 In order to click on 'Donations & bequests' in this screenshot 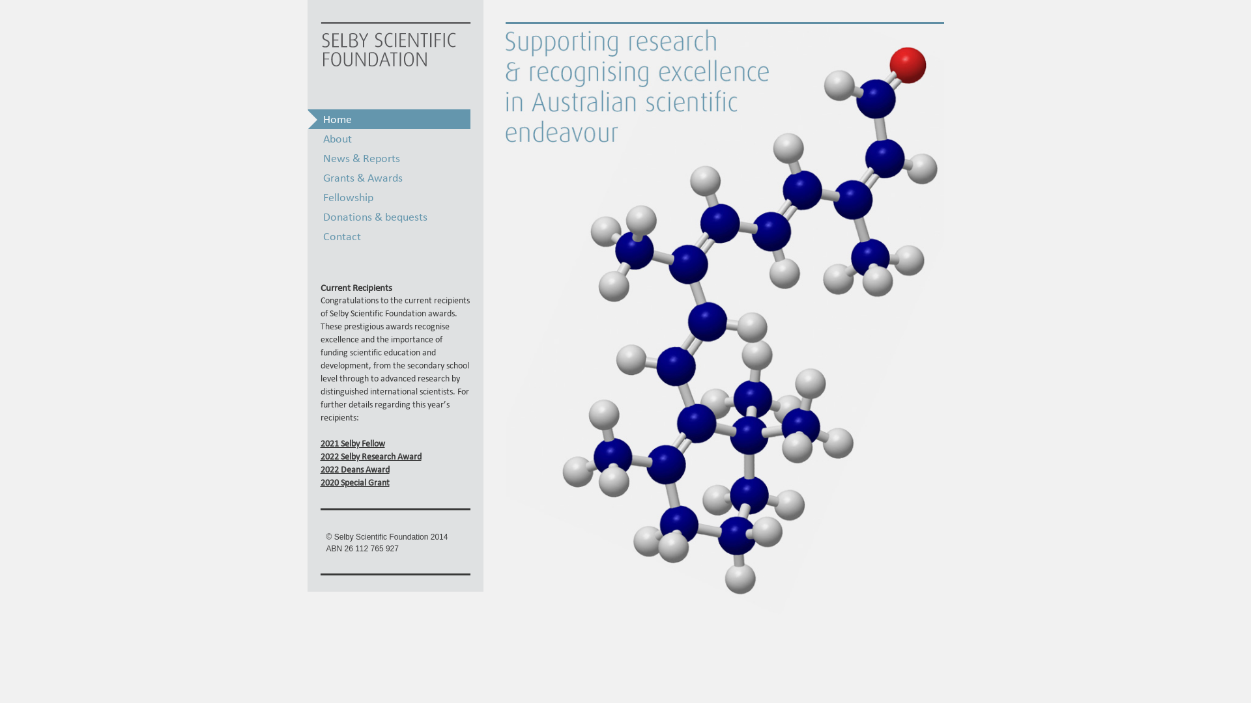, I will do `click(388, 215)`.